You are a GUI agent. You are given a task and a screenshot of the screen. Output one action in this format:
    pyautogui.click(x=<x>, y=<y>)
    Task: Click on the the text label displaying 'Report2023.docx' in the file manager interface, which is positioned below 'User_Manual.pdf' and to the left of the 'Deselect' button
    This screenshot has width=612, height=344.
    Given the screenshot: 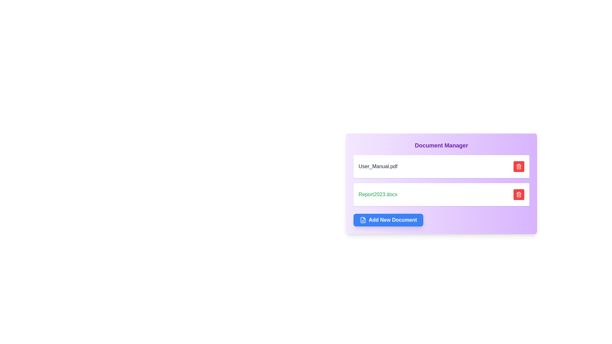 What is the action you would take?
    pyautogui.click(x=378, y=194)
    